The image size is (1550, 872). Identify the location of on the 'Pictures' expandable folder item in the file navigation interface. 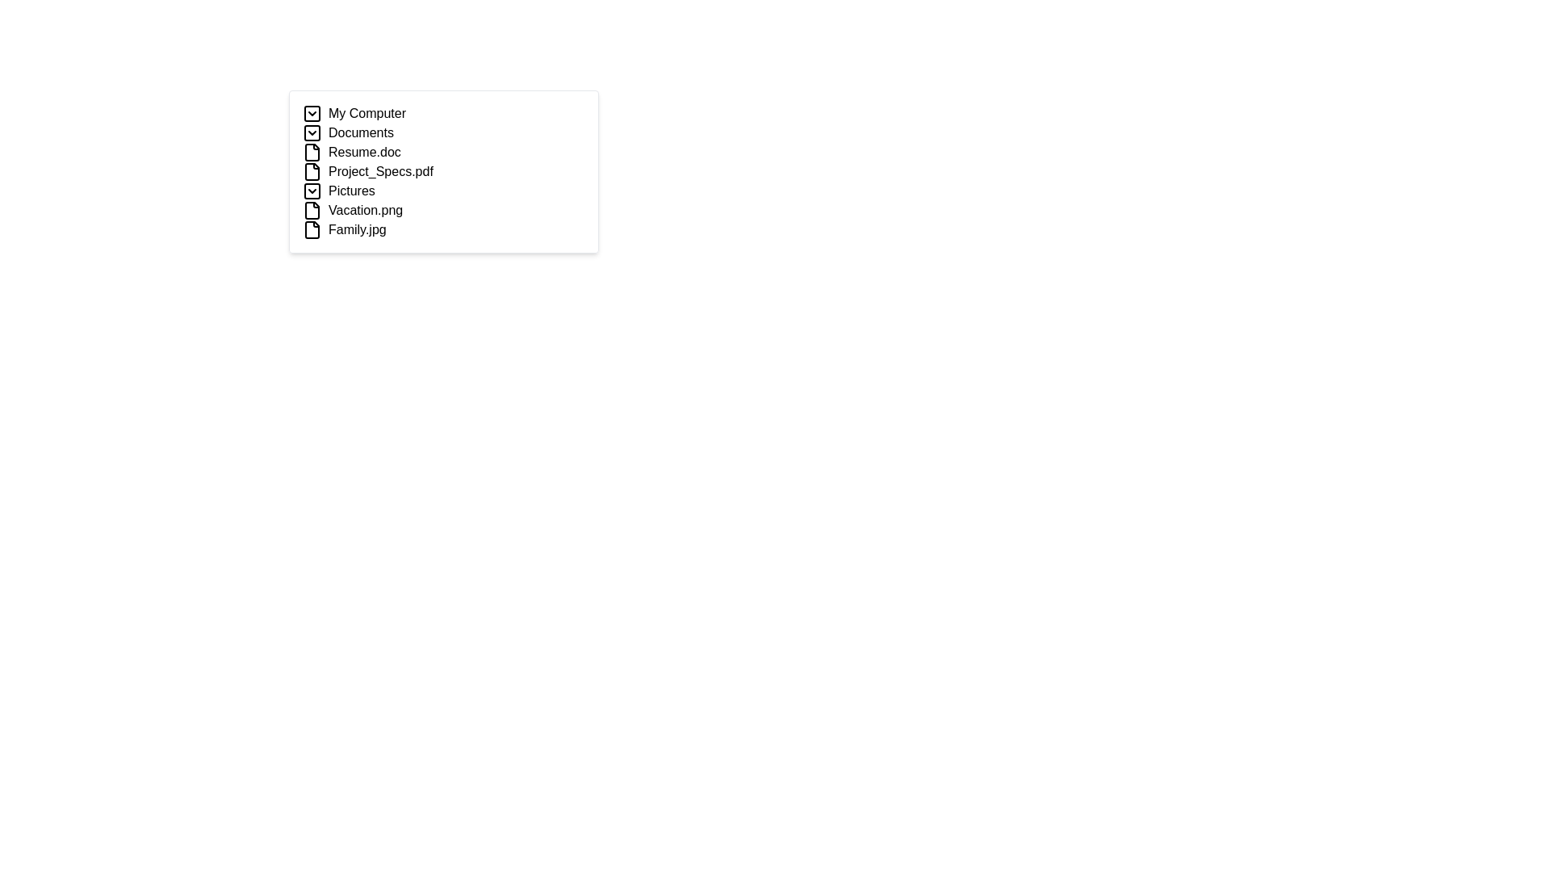
(444, 190).